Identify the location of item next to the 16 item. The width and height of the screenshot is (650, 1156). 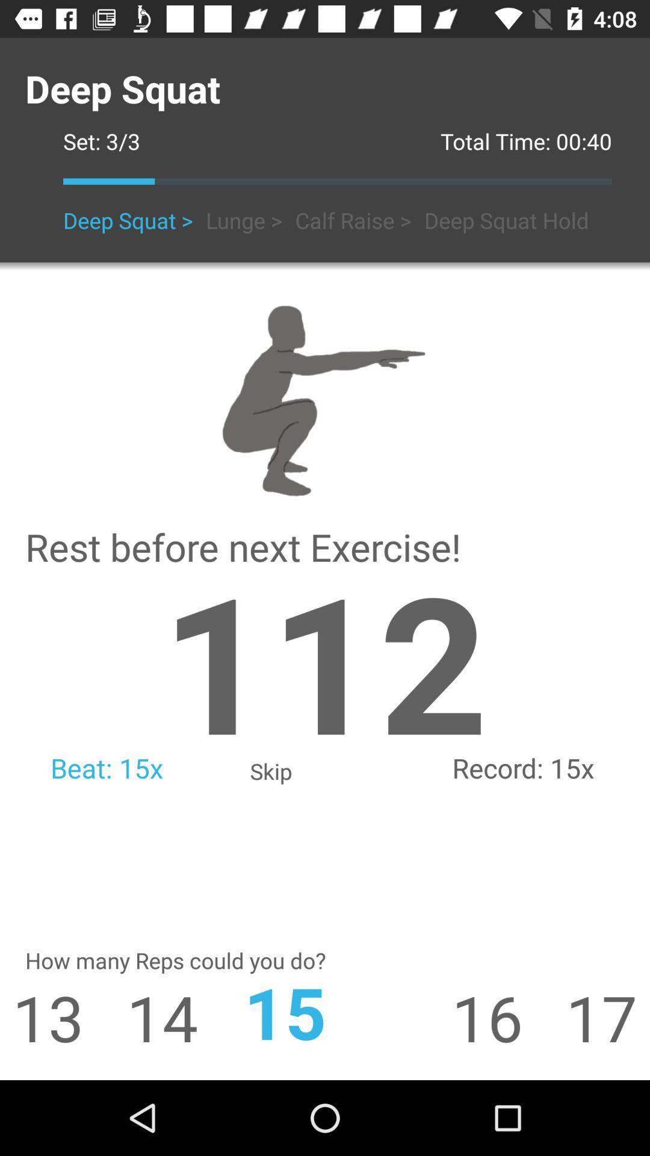
(325, 1011).